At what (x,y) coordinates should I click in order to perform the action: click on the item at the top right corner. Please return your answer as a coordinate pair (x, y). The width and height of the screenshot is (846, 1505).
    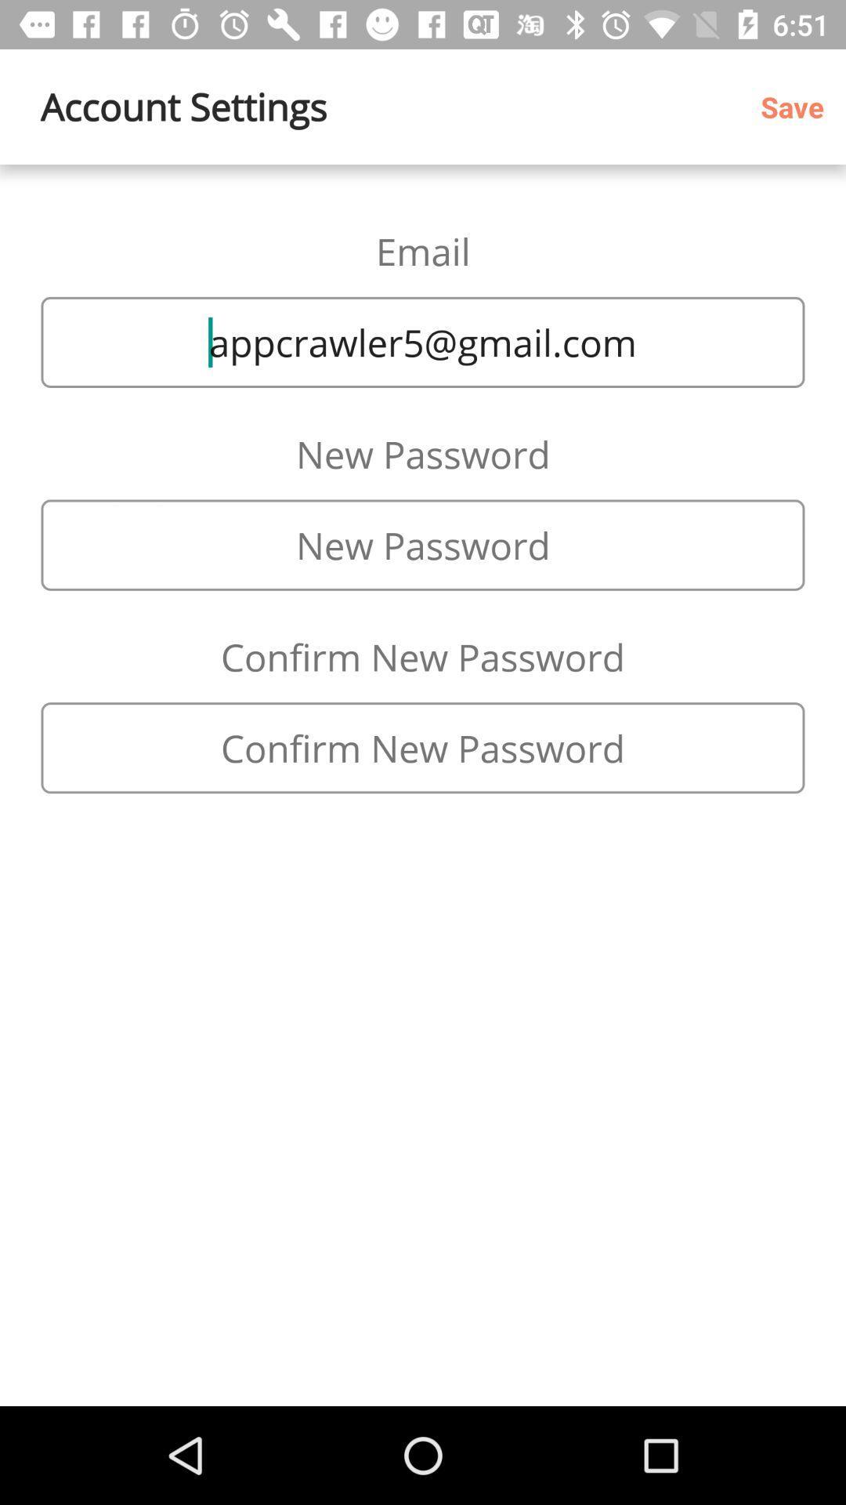
    Looking at the image, I should click on (797, 106).